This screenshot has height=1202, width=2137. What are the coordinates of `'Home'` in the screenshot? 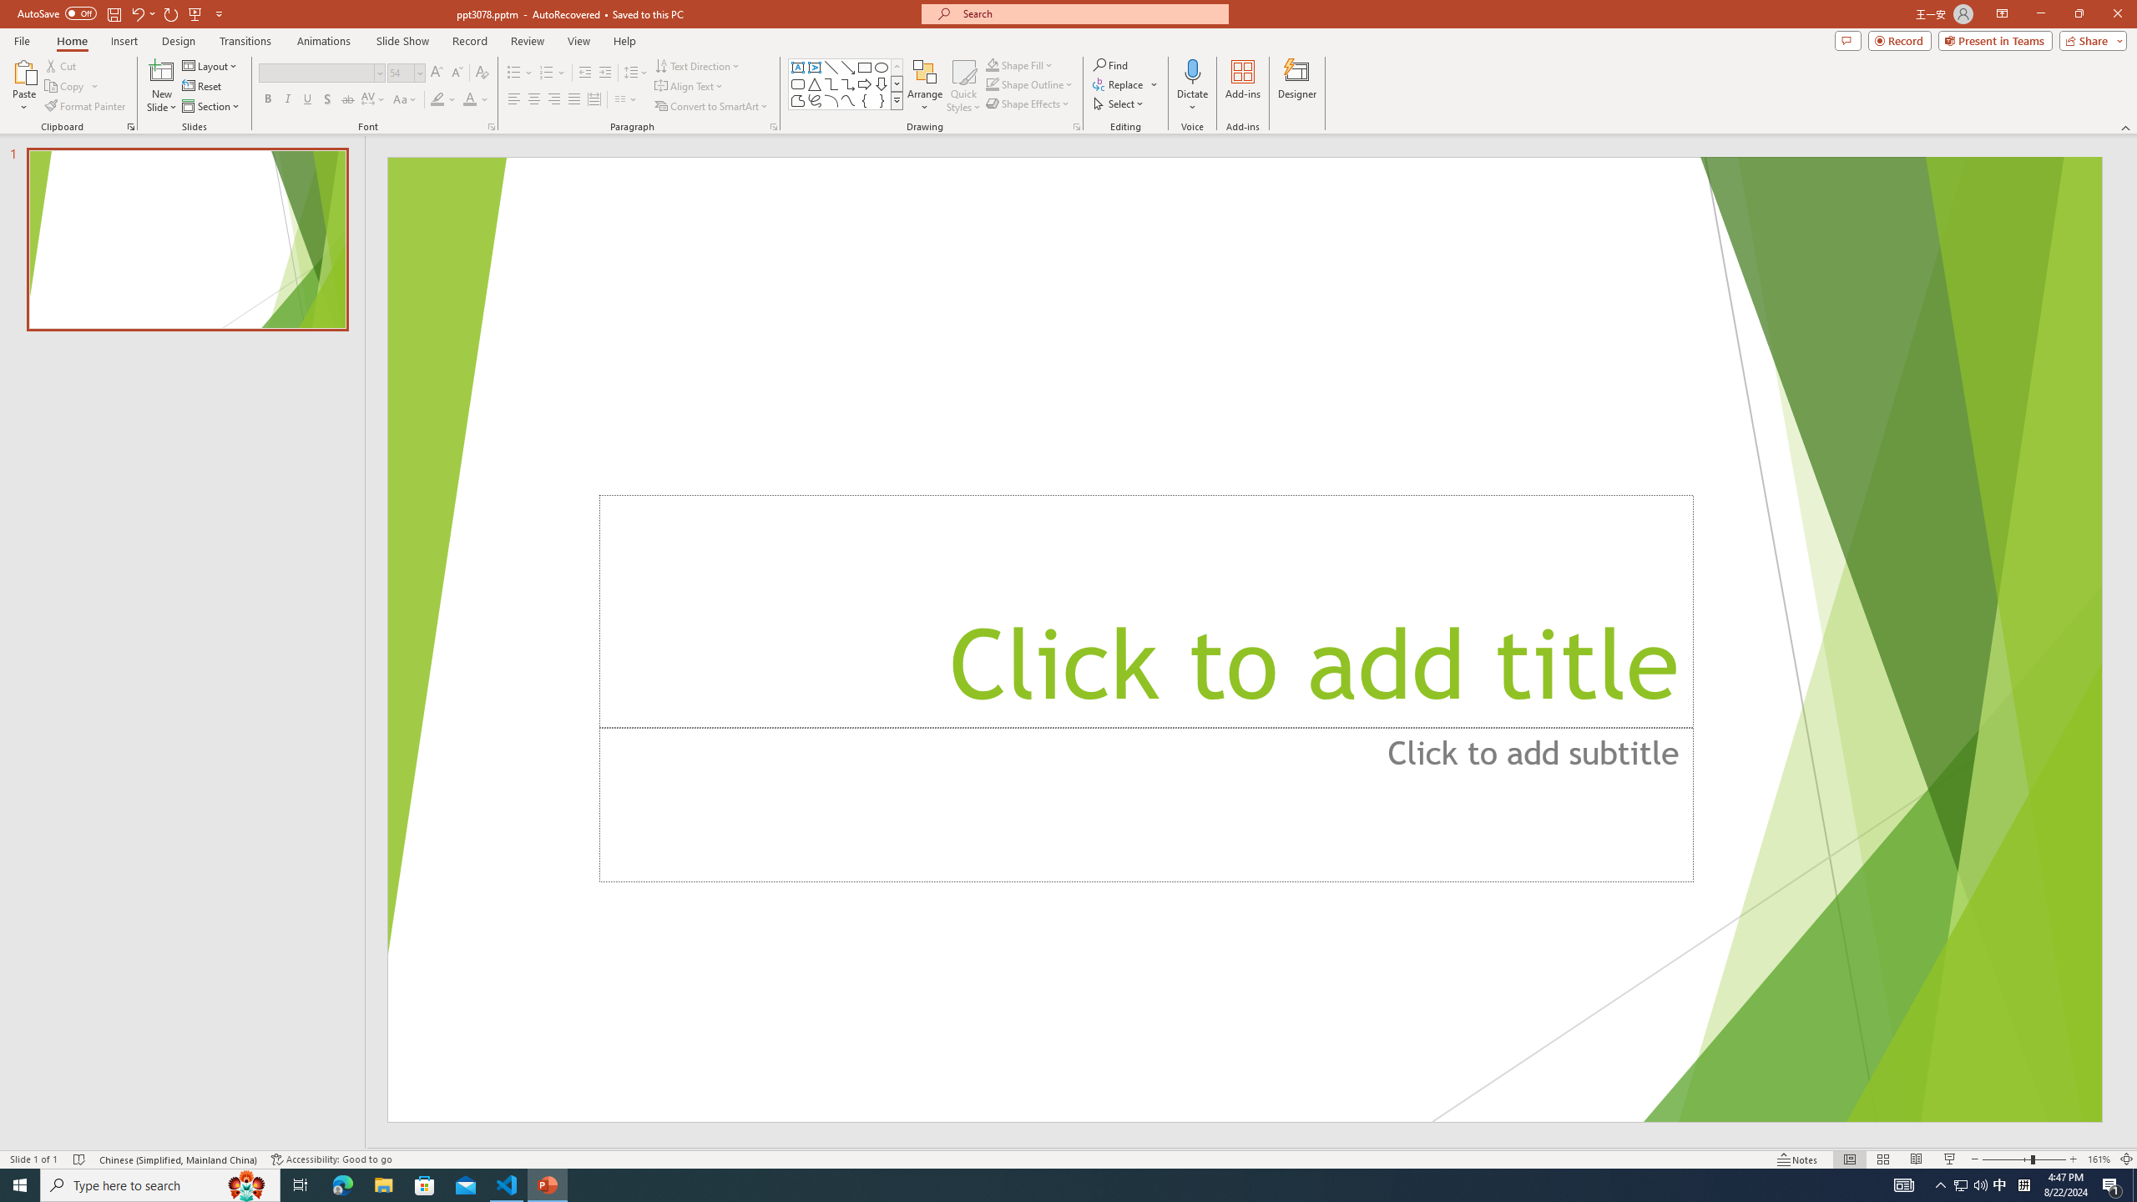 It's located at (71, 41).